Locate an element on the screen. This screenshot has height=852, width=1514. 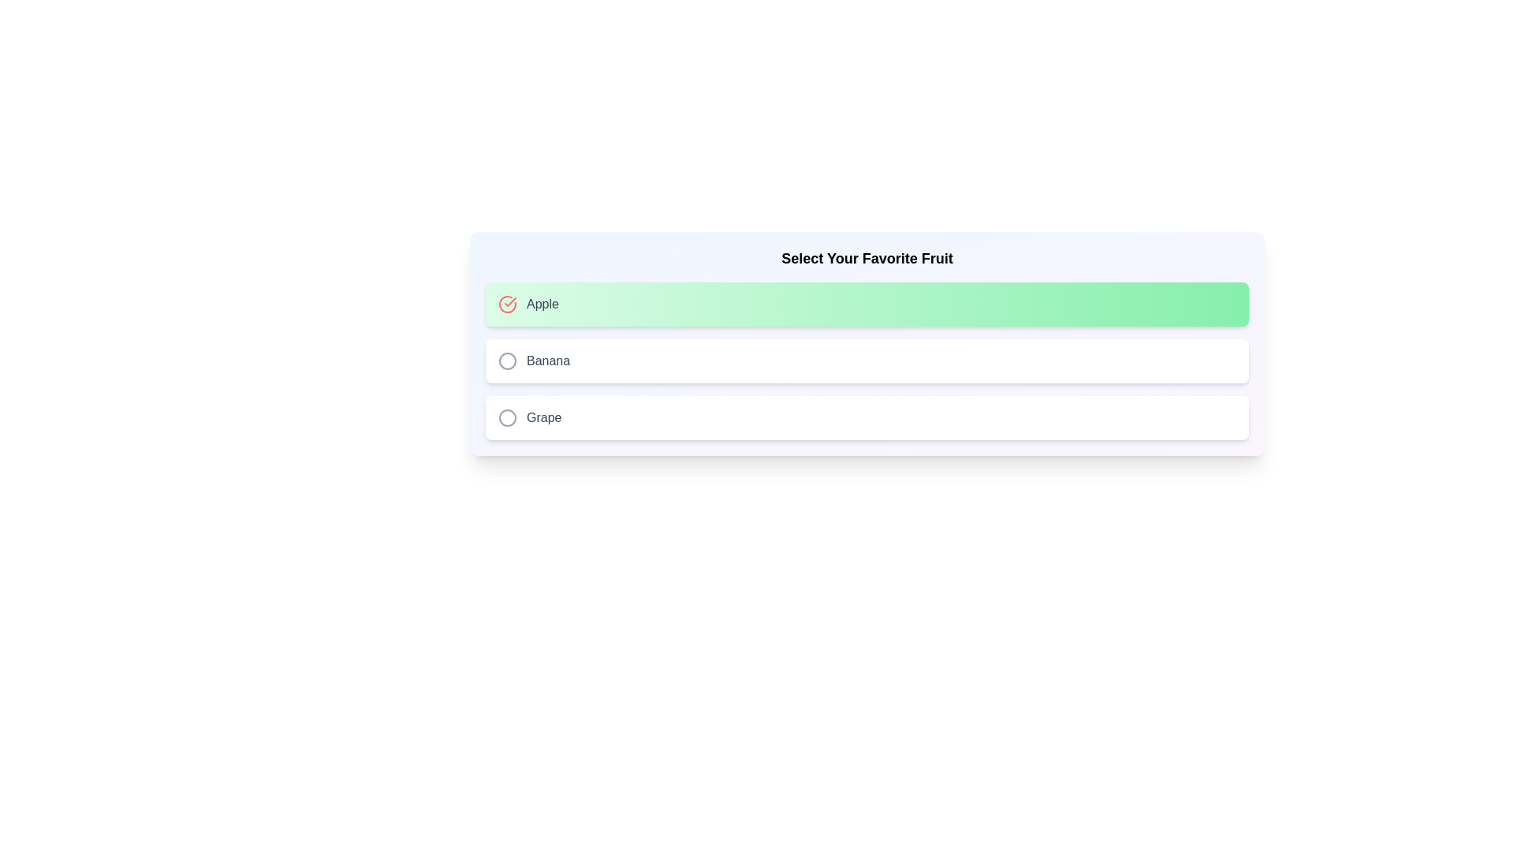
the icon located on the left side of the 'Banana' card, which is the second card in a vertically stacked list of fruit options is located at coordinates (507, 361).